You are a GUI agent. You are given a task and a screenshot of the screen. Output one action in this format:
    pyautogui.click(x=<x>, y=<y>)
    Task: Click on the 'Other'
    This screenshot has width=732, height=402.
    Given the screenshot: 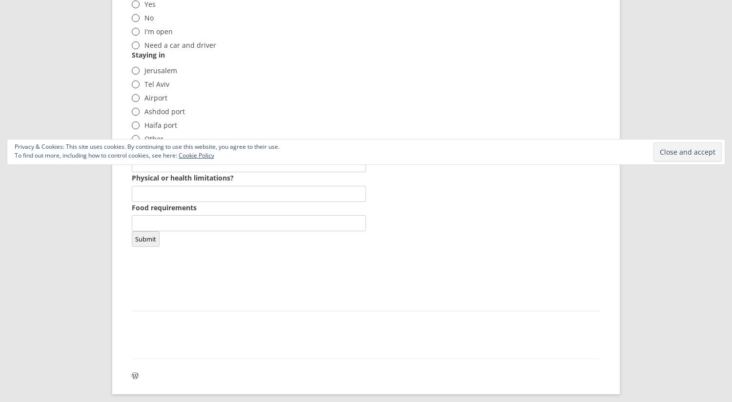 What is the action you would take?
    pyautogui.click(x=153, y=138)
    